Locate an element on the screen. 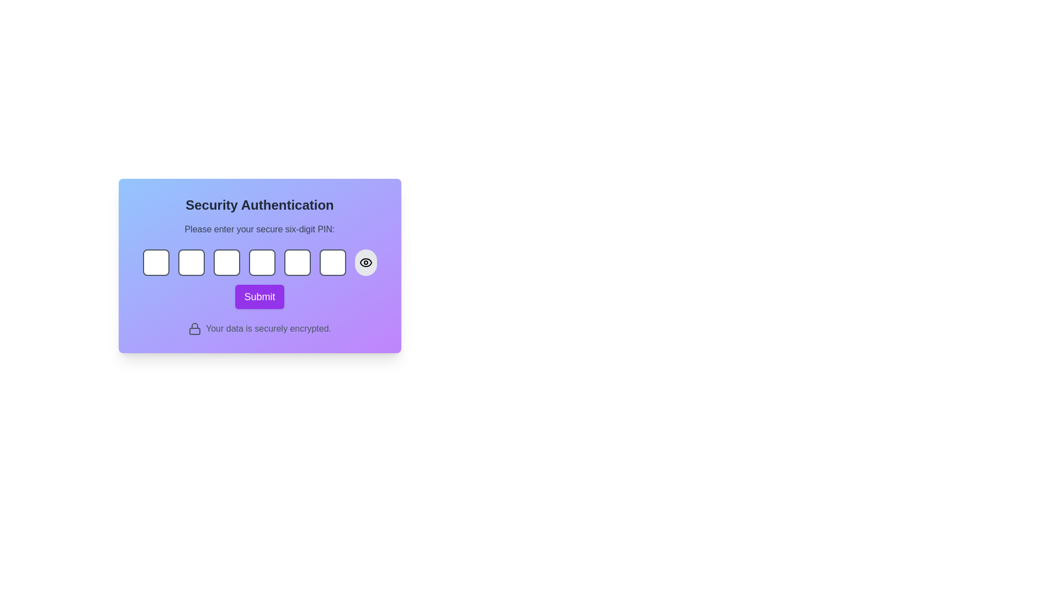 This screenshot has width=1060, height=596. the circular button with a soft gray background and an eye icon in its center is located at coordinates (365, 262).